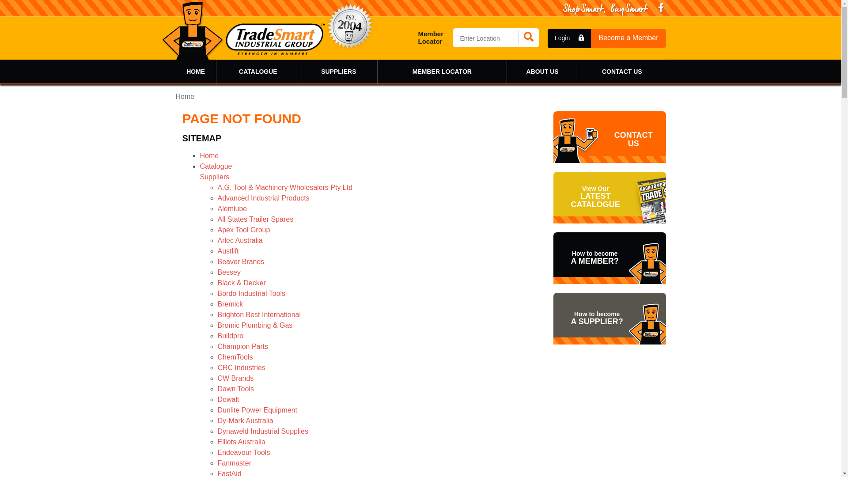  Describe the element at coordinates (195, 71) in the screenshot. I see `'HOME'` at that location.